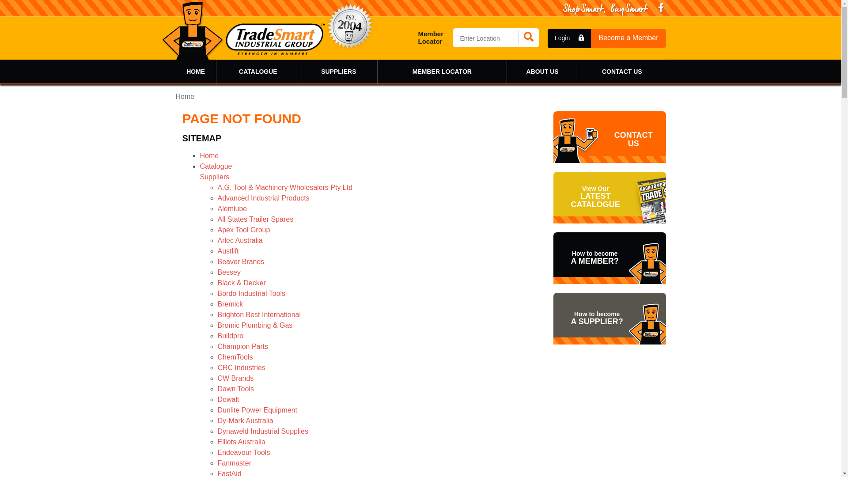  Describe the element at coordinates (195, 71) in the screenshot. I see `'HOME'` at that location.